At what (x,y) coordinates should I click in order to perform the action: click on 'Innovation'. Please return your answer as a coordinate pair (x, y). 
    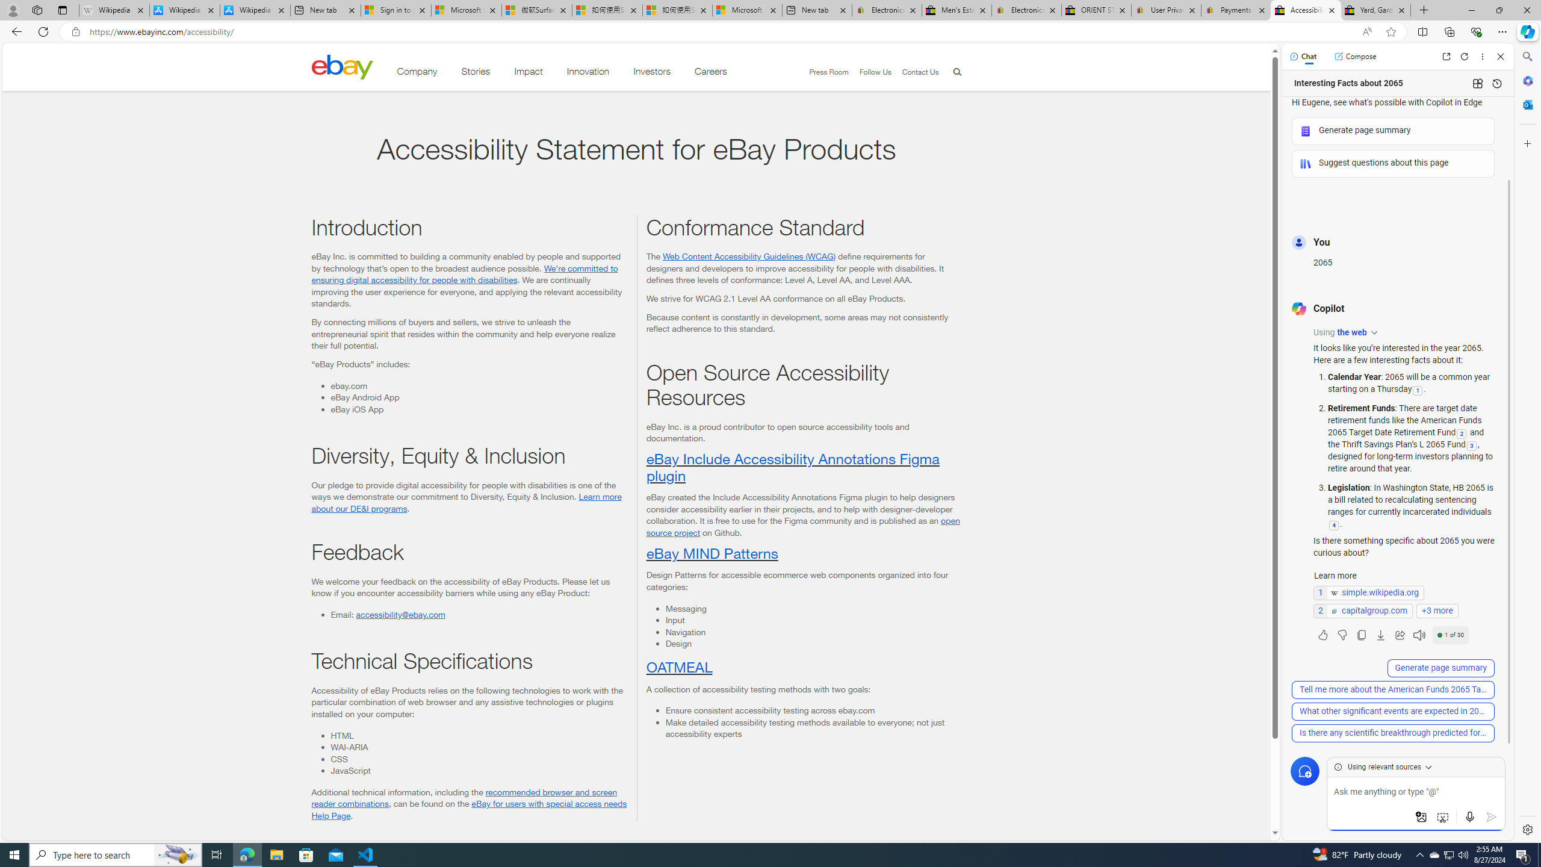
    Looking at the image, I should click on (588, 73).